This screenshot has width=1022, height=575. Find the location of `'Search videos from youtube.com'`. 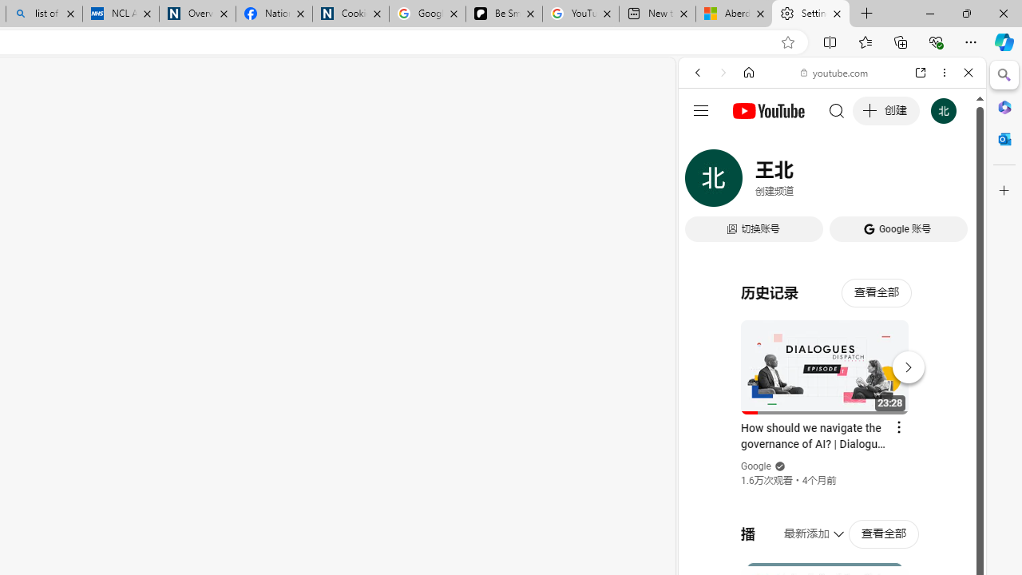

'Search videos from youtube.com' is located at coordinates (803, 525).